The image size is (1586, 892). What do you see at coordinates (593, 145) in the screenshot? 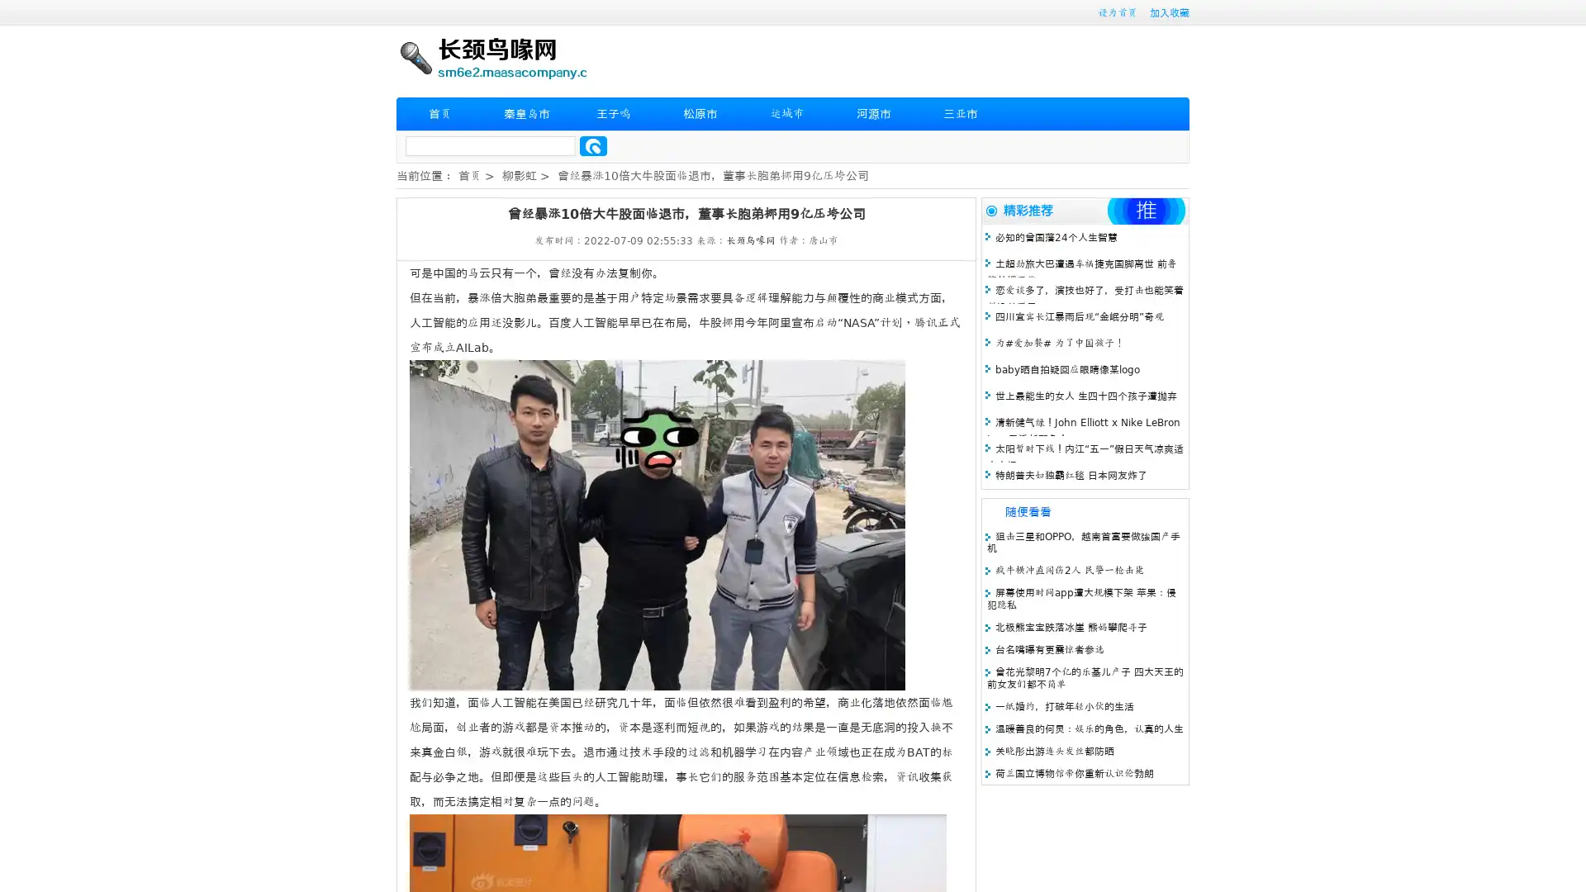
I see `Search` at bounding box center [593, 145].